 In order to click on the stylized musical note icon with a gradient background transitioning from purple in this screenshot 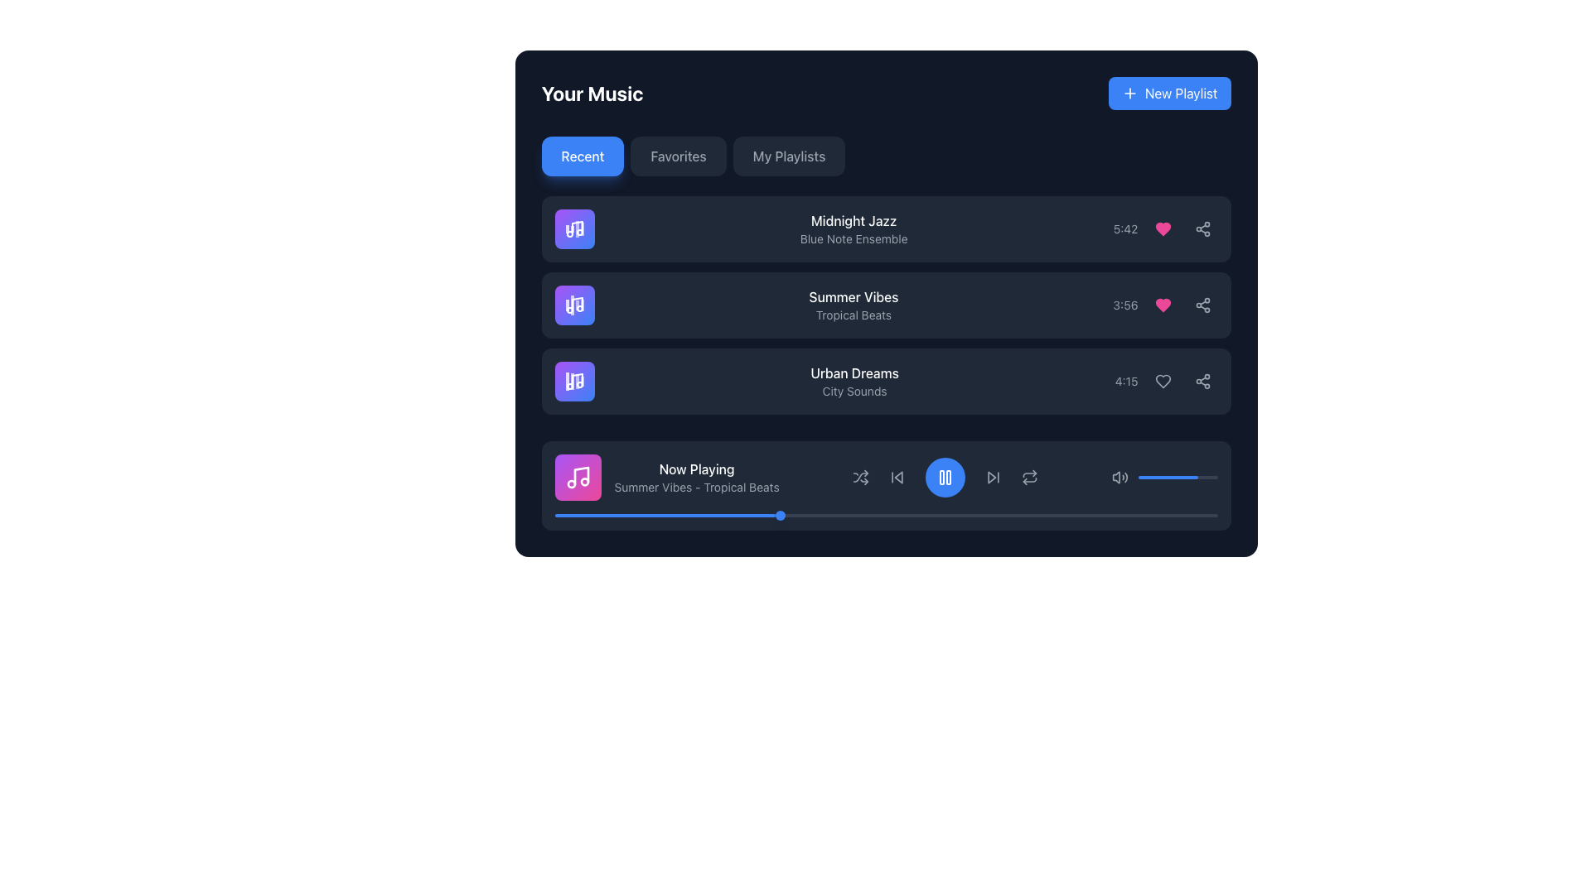, I will do `click(574, 382)`.